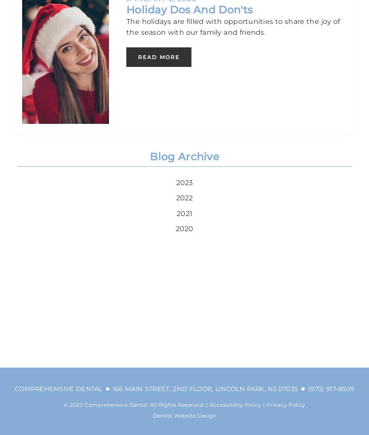 Image resolution: width=369 pixels, height=435 pixels. Describe the element at coordinates (184, 213) in the screenshot. I see `'2021'` at that location.